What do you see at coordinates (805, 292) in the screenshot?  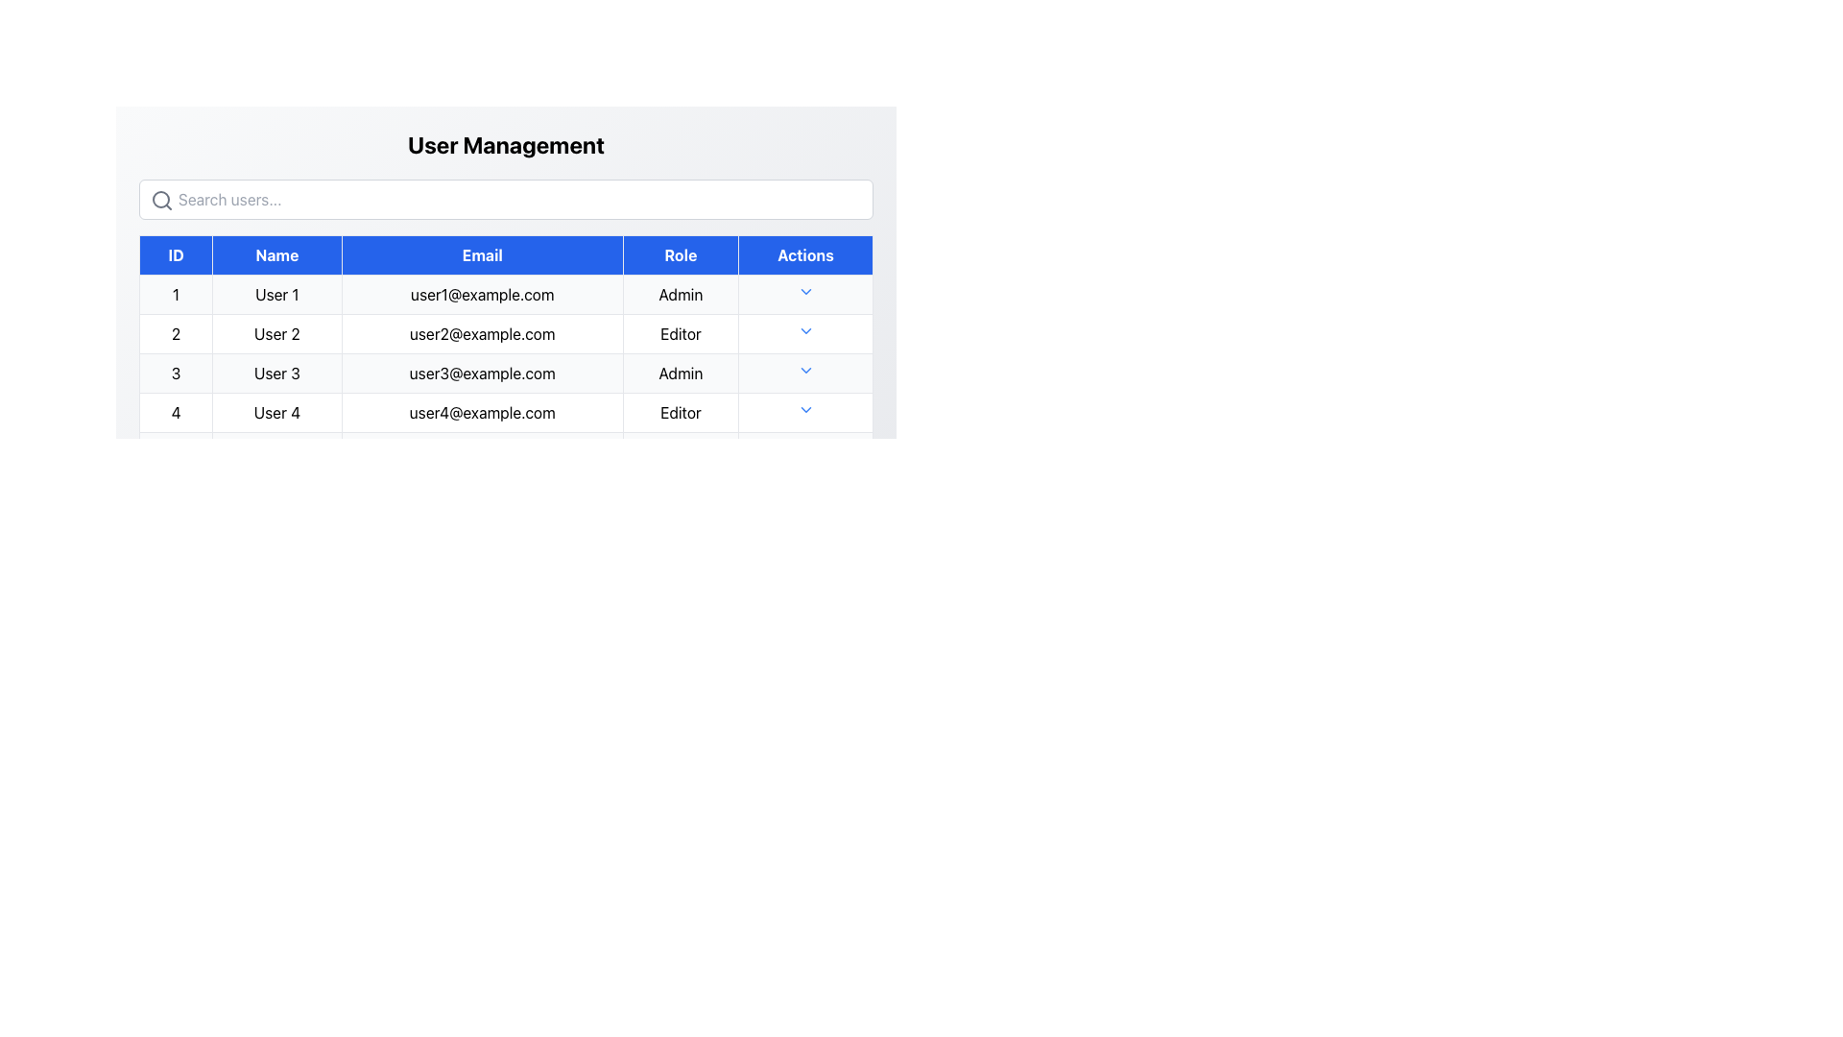 I see `the dropdown toggle button in the 'Actions' column of the user management table` at bounding box center [805, 292].